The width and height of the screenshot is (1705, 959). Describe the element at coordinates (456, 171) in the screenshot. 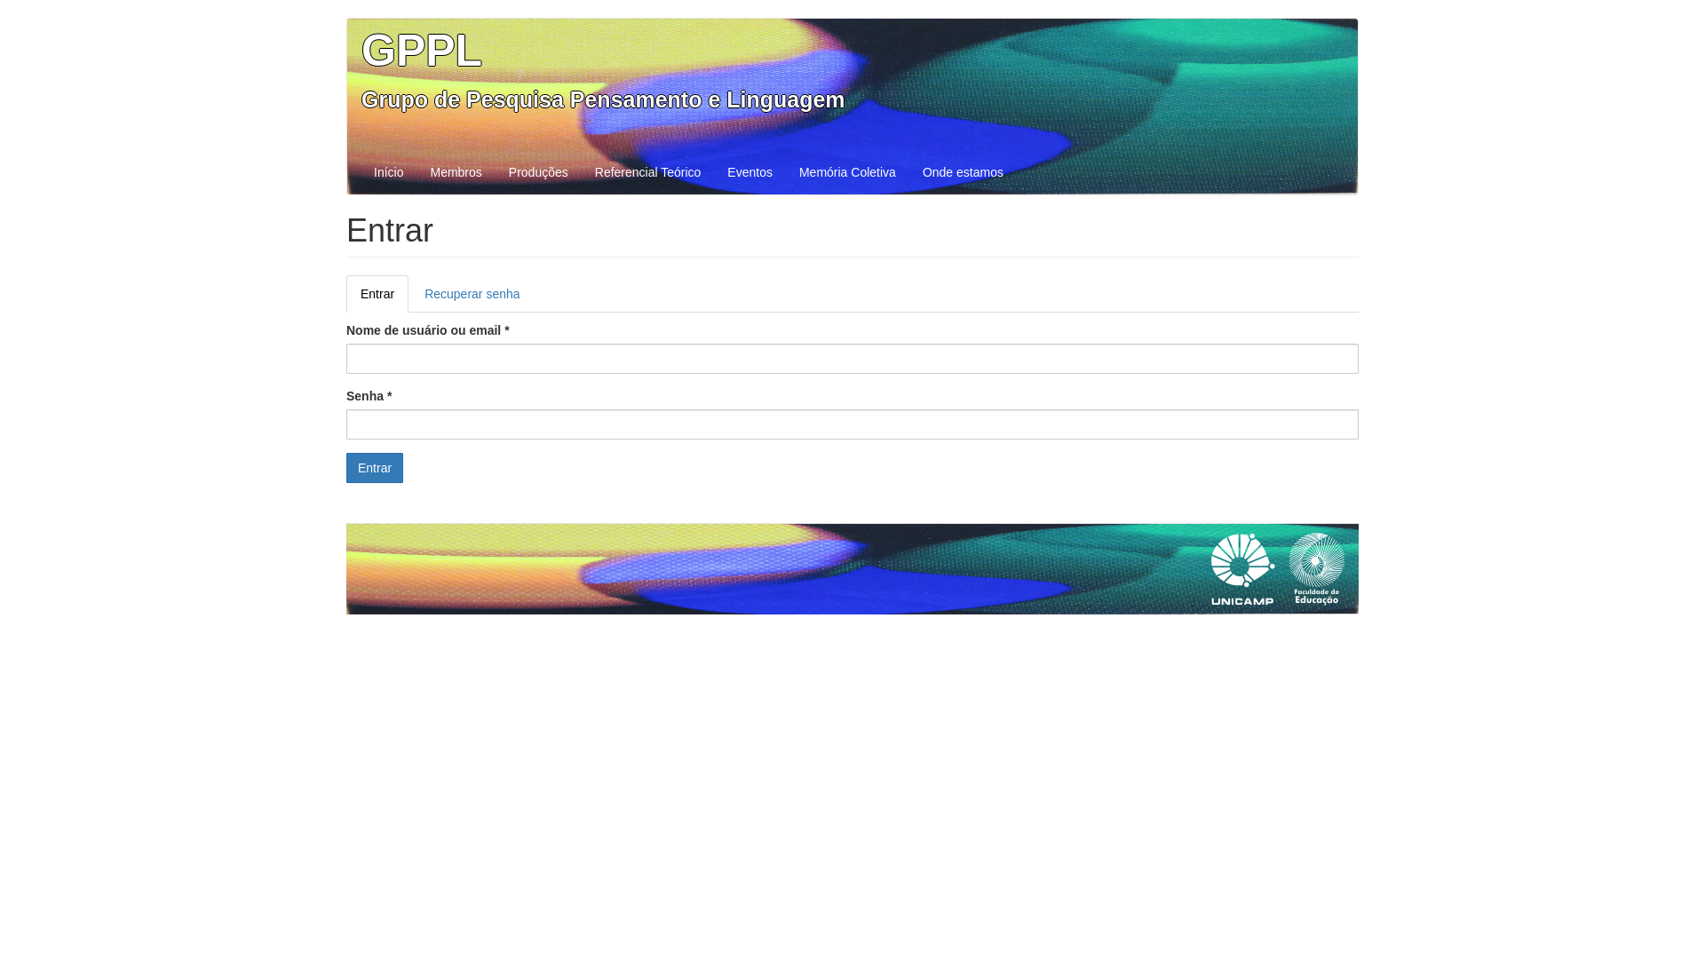

I see `'Membros'` at that location.